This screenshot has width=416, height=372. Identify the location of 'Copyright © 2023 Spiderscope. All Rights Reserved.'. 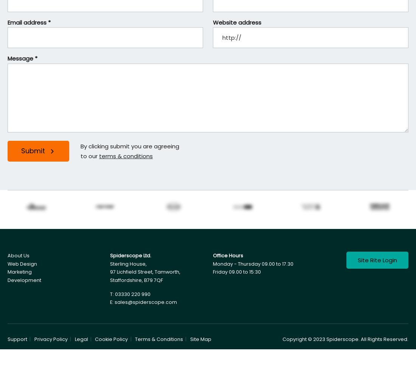
(345, 339).